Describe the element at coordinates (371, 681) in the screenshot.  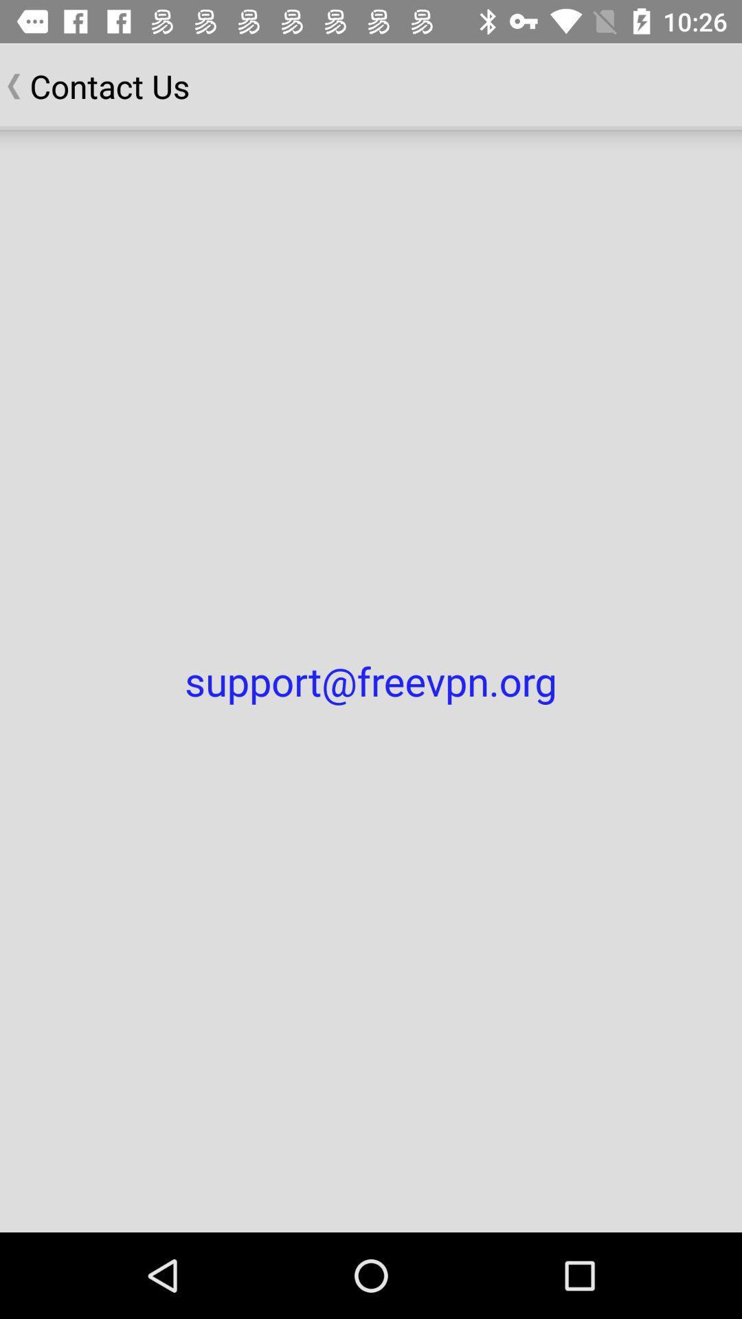
I see `item at the center` at that location.